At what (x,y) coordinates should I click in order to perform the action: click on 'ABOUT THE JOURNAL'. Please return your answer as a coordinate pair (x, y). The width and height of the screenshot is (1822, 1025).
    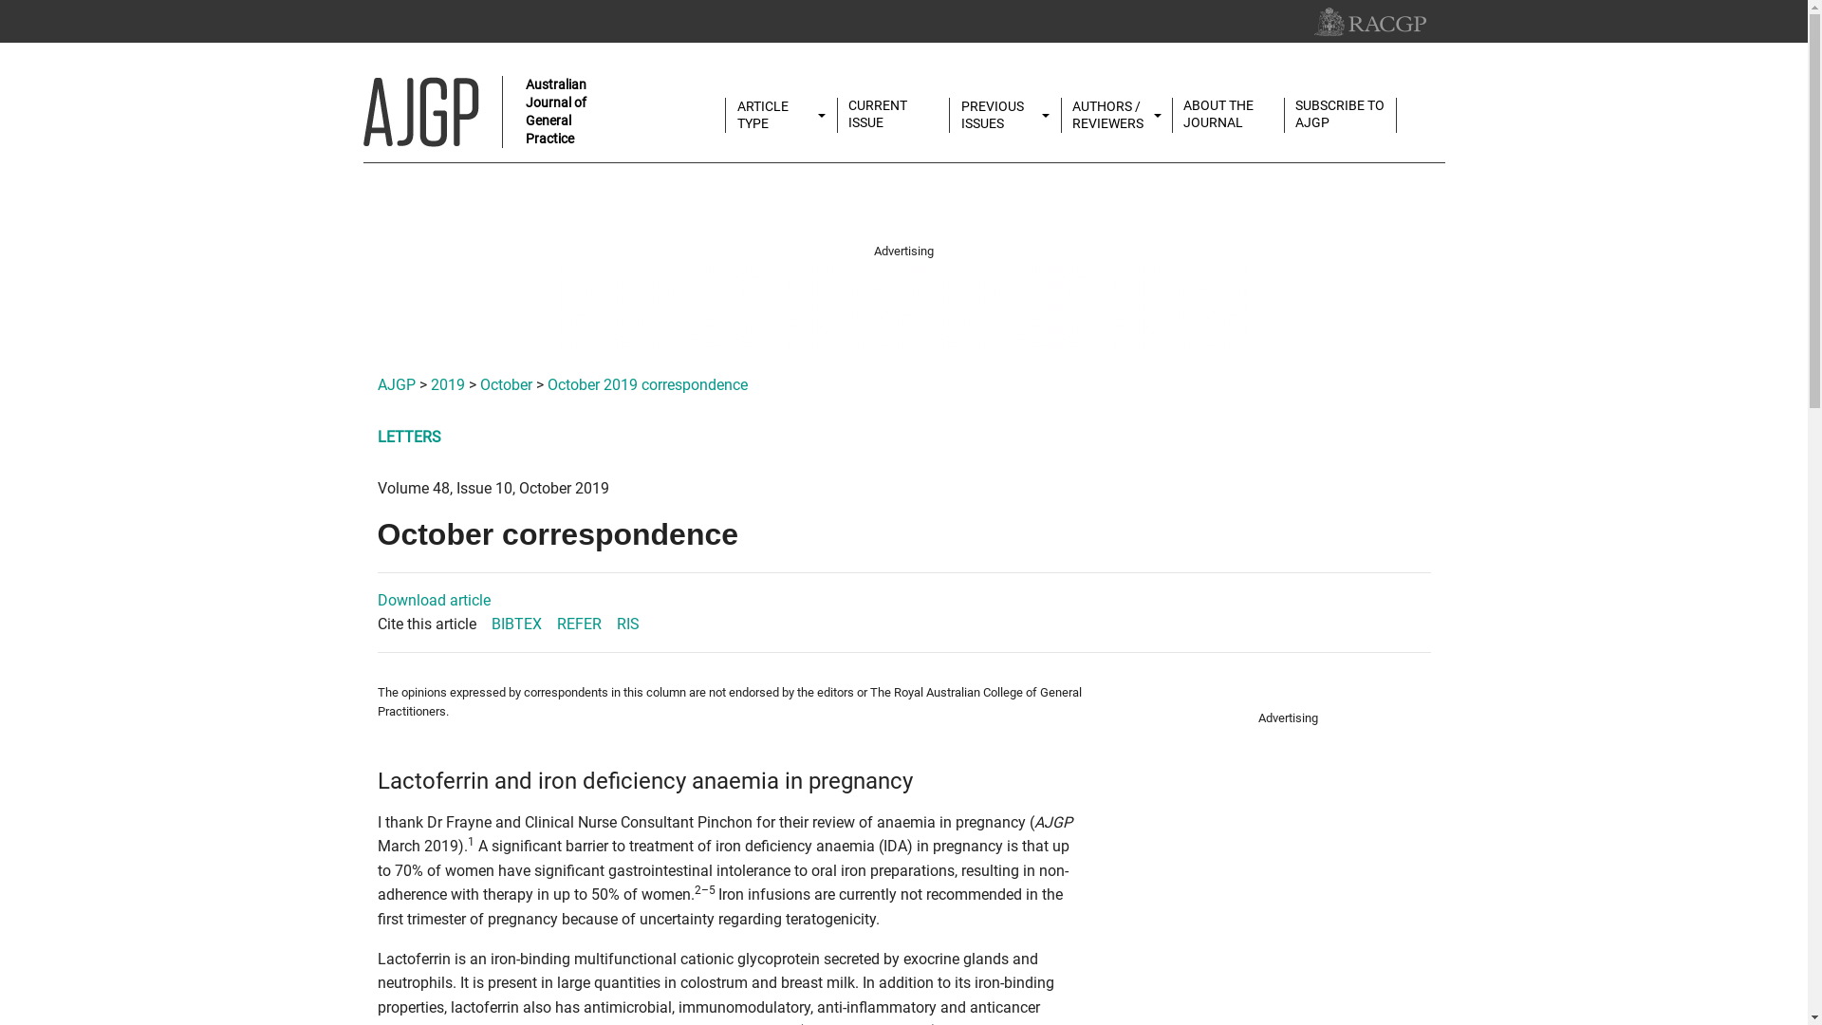
    Looking at the image, I should click on (1172, 114).